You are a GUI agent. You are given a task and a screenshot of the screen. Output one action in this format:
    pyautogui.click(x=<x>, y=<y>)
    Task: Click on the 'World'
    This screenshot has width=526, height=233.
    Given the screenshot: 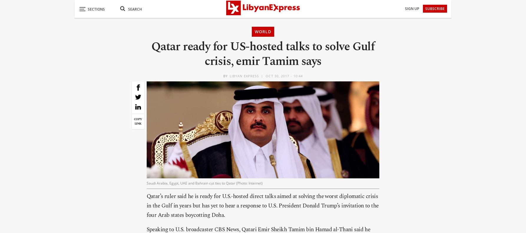 What is the action you would take?
    pyautogui.click(x=262, y=31)
    